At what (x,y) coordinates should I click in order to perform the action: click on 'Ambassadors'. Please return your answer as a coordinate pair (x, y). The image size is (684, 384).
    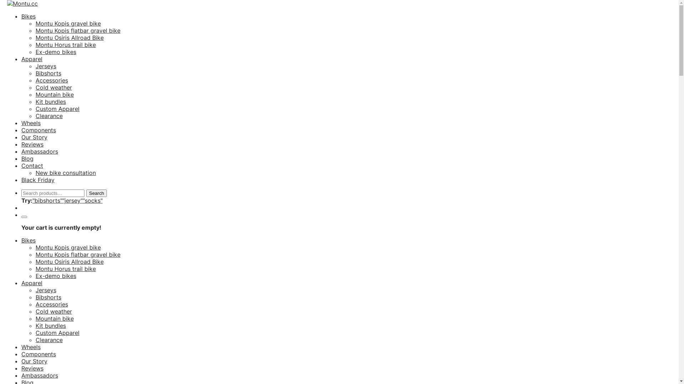
    Looking at the image, I should click on (39, 151).